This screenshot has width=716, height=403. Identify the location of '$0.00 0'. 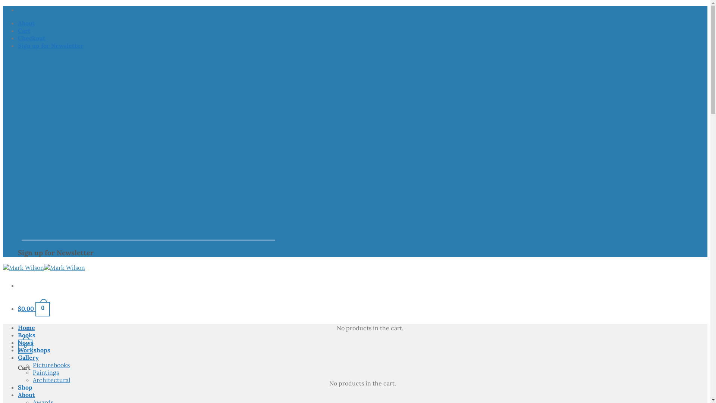
(34, 308).